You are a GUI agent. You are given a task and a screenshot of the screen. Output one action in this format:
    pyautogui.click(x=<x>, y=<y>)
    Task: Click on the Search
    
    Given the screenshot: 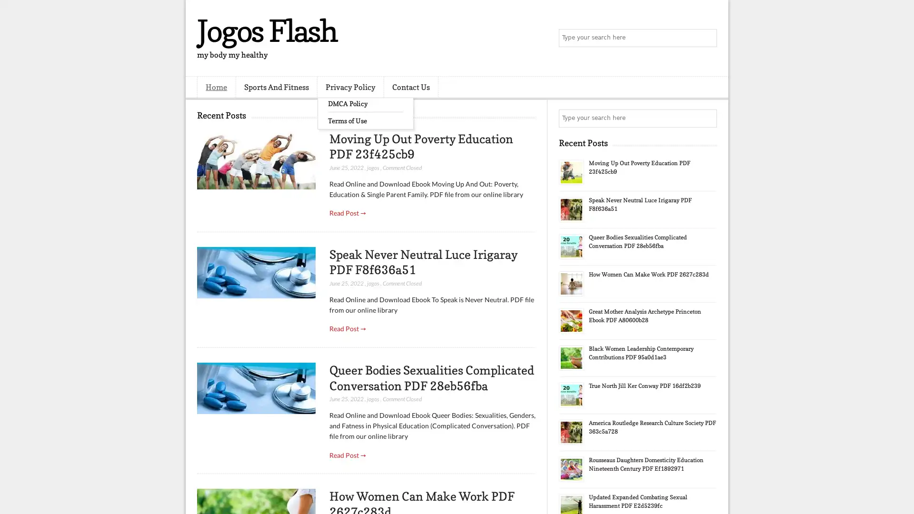 What is the action you would take?
    pyautogui.click(x=707, y=38)
    